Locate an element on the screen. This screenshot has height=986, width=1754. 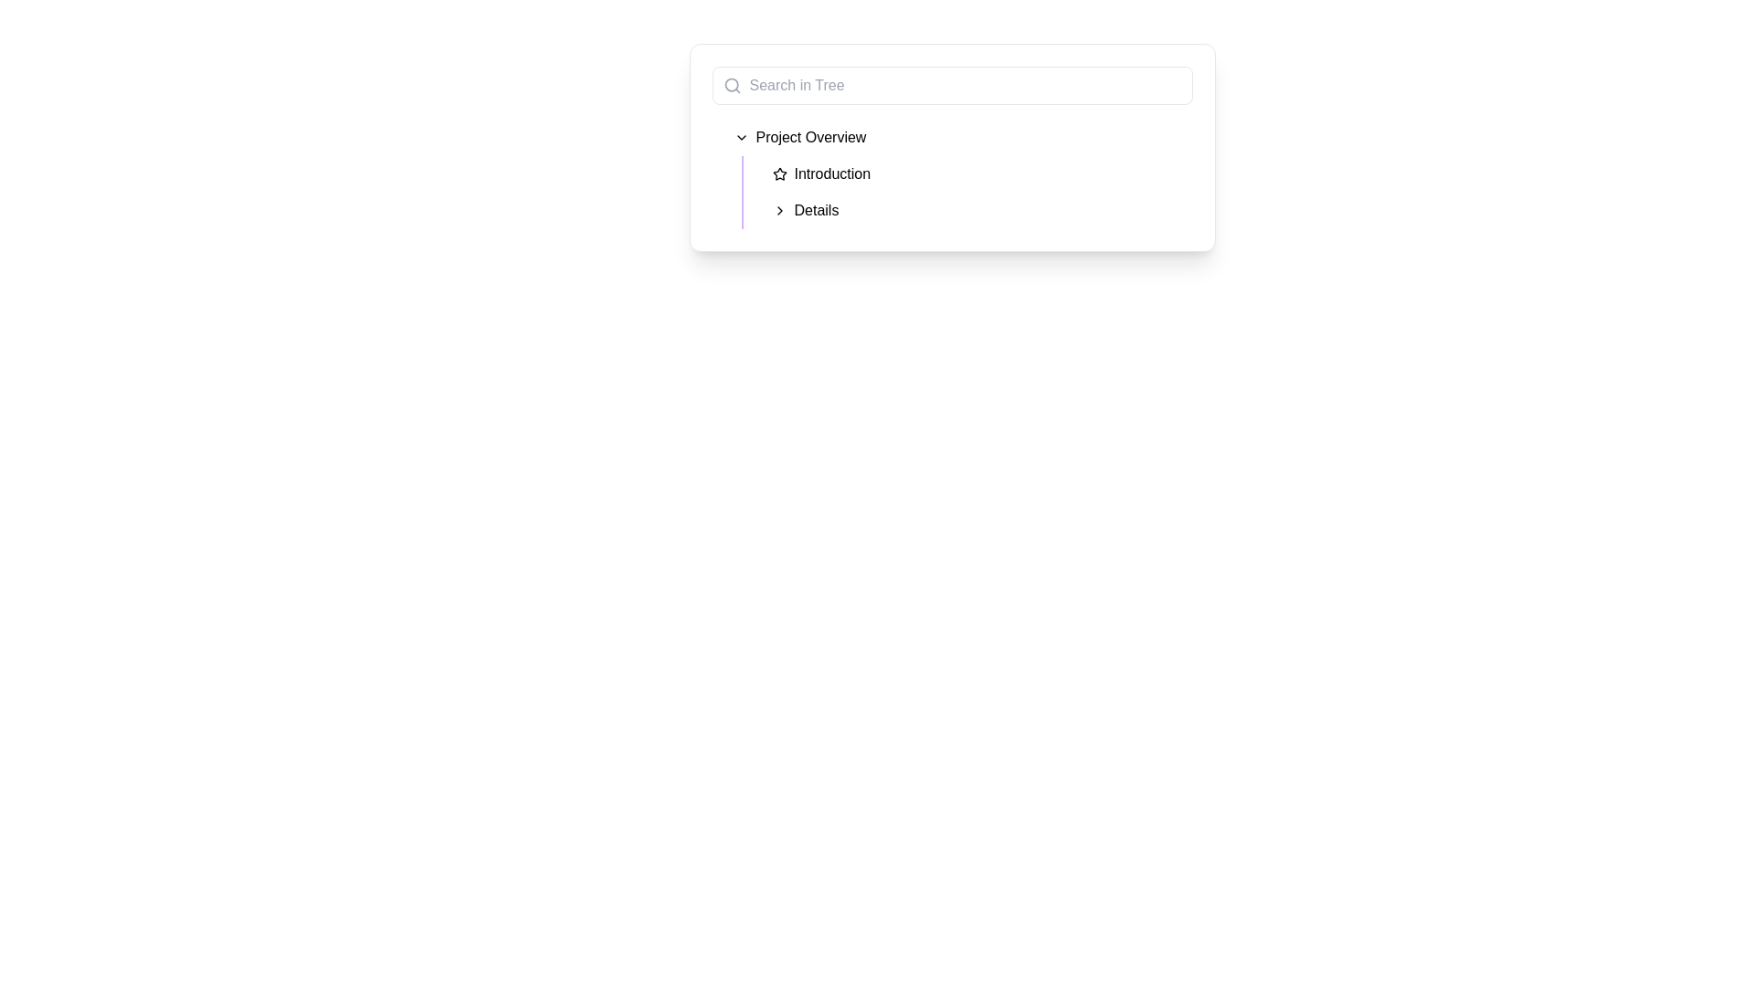
the downward-pointing chevron icon in the 'Project Overview' section is located at coordinates (741, 136).